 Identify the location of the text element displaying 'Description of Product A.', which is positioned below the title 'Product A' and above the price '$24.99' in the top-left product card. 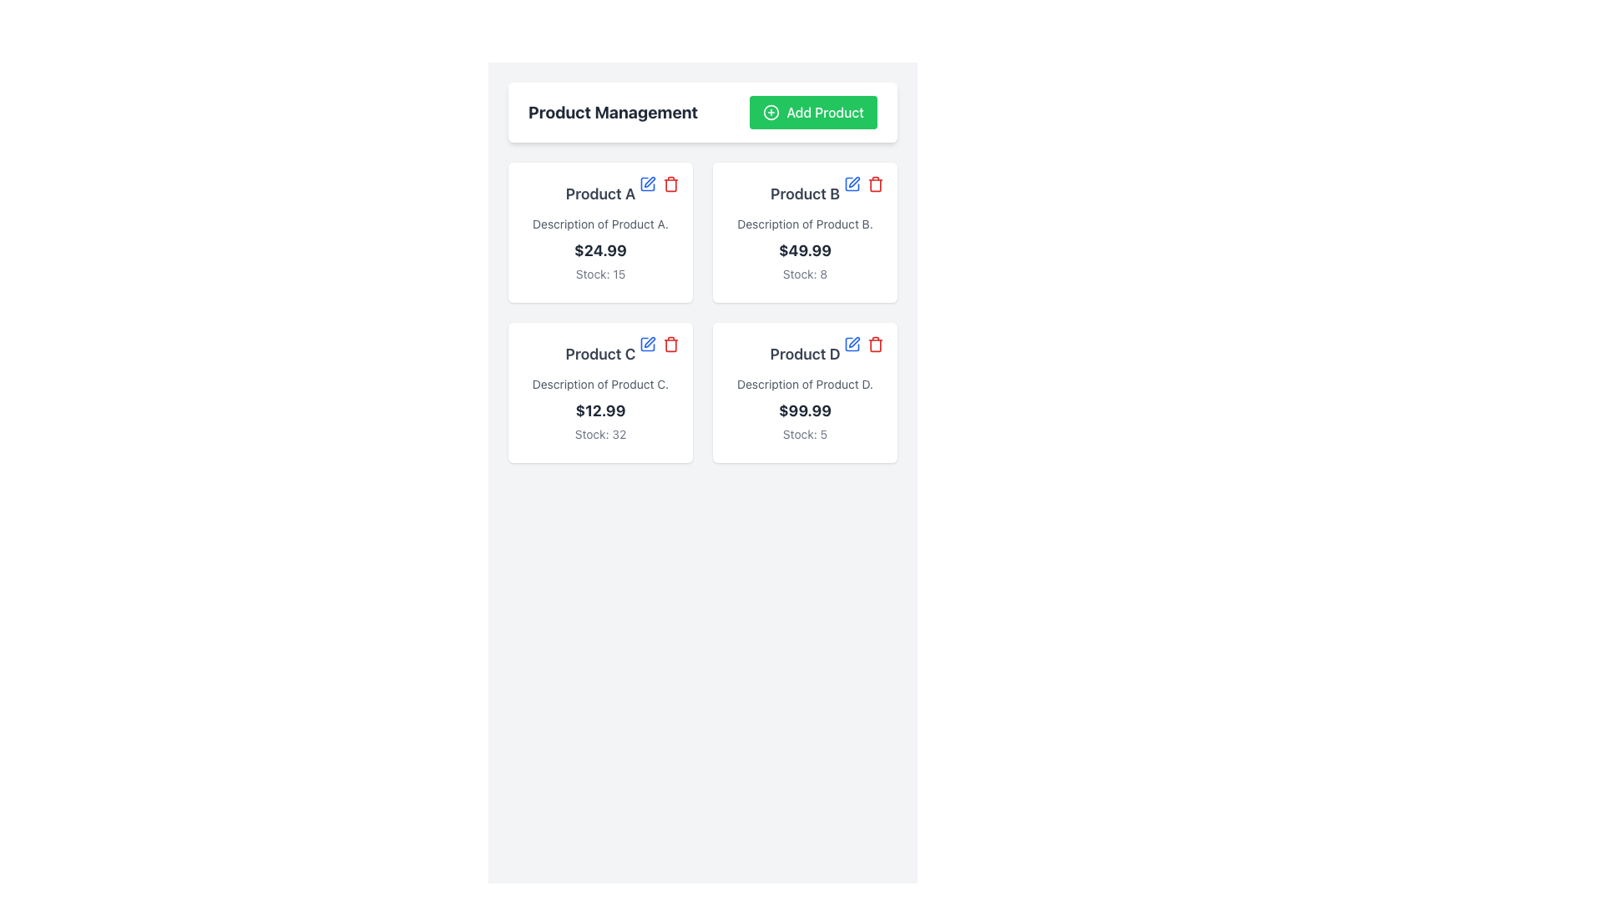
(600, 224).